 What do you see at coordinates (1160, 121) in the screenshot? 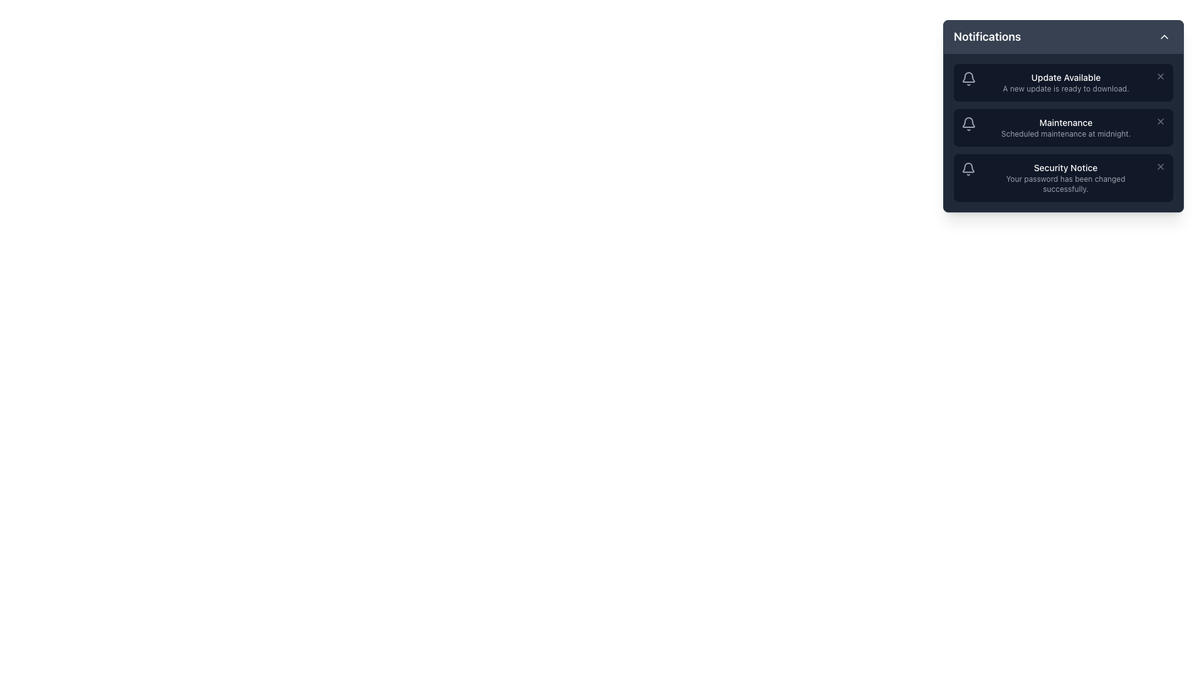
I see `the close button, styled as a cross or 'X', located on the far right side of the 'Maintenance' notification item` at bounding box center [1160, 121].